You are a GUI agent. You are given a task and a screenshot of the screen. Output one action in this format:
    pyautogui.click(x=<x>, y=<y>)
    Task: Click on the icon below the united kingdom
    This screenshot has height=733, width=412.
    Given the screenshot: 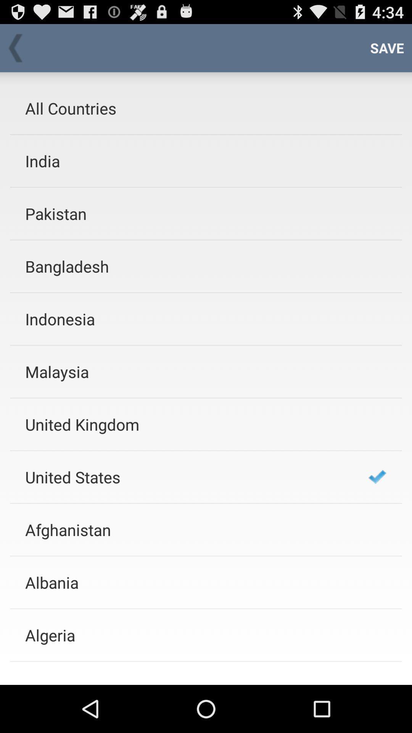 What is the action you would take?
    pyautogui.click(x=187, y=476)
    